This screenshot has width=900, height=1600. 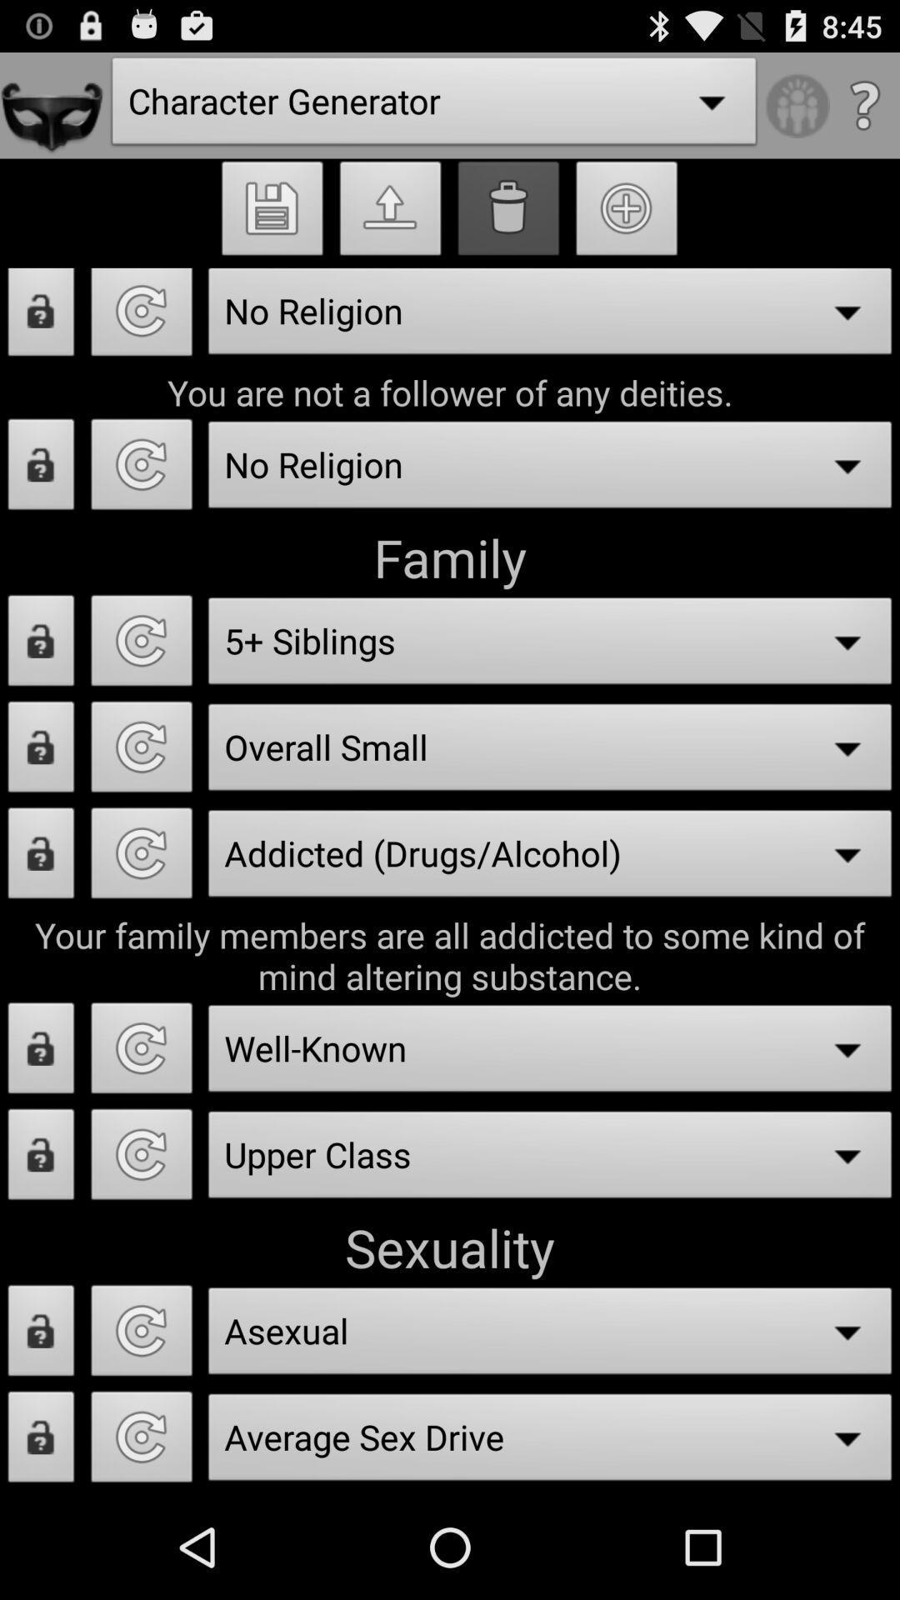 What do you see at coordinates (863, 112) in the screenshot?
I see `the help icon` at bounding box center [863, 112].